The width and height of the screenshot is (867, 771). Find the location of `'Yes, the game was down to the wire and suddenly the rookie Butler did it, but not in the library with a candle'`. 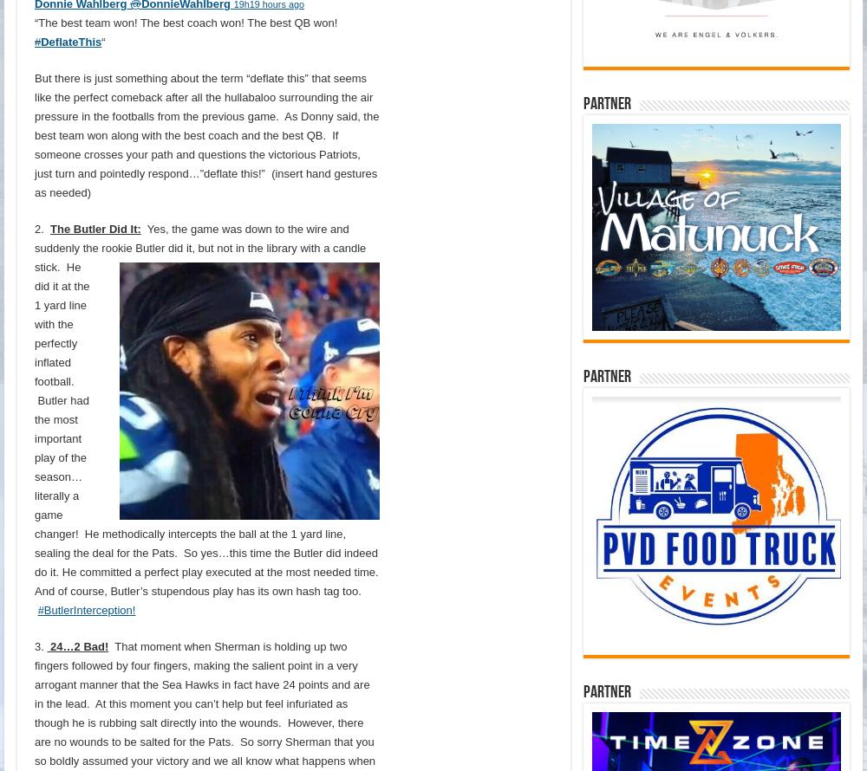

'Yes, the game was down to the wire and suddenly the rookie Butler did it, but not in the library with a candle' is located at coordinates (199, 236).